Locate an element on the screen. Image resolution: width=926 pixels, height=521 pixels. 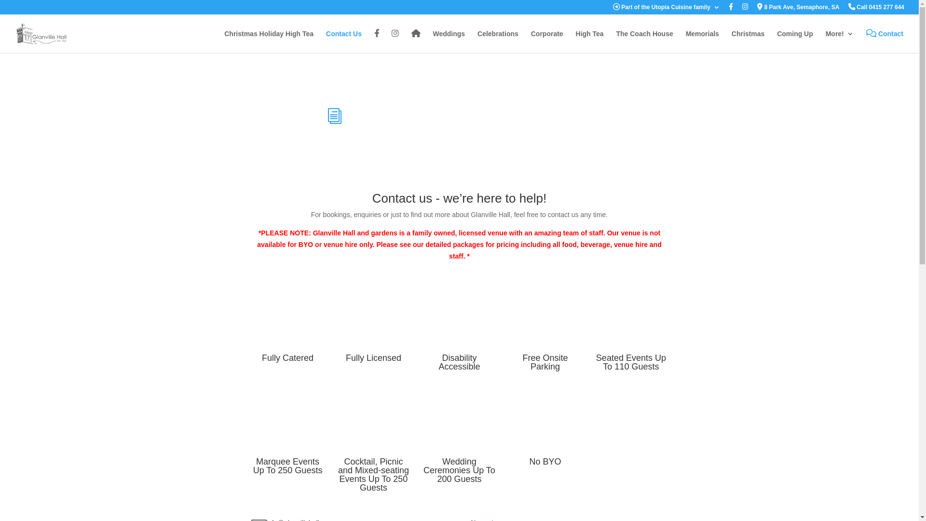
'High Tea' is located at coordinates (576, 41).